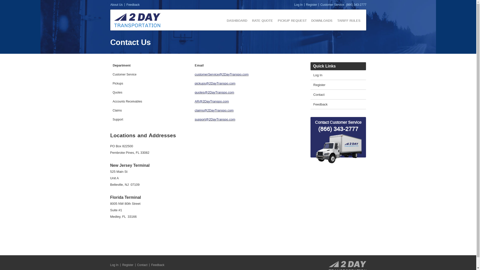 Image resolution: width=480 pixels, height=270 pixels. I want to click on 'DASHBOARD', so click(235, 20).